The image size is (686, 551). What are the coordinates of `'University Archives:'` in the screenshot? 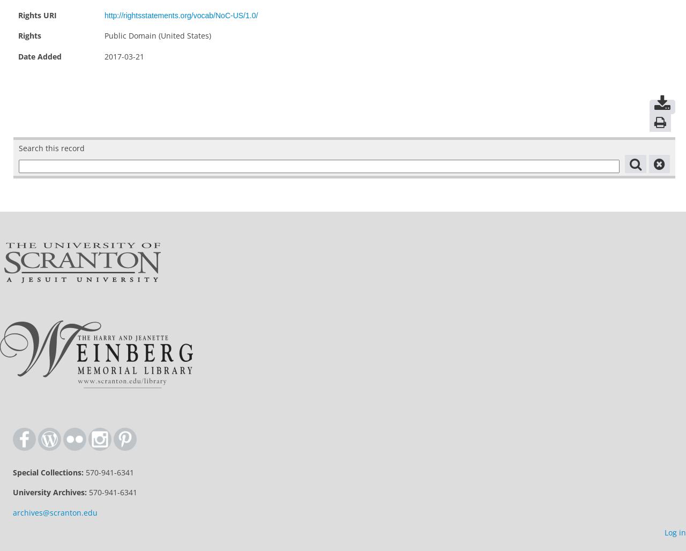 It's located at (49, 492).